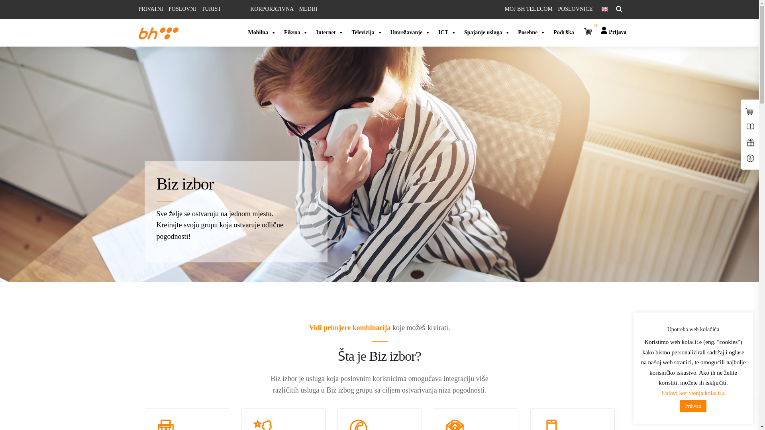 The height and width of the screenshot is (430, 765). What do you see at coordinates (151, 9) in the screenshot?
I see `'PRIVATNI'` at bounding box center [151, 9].